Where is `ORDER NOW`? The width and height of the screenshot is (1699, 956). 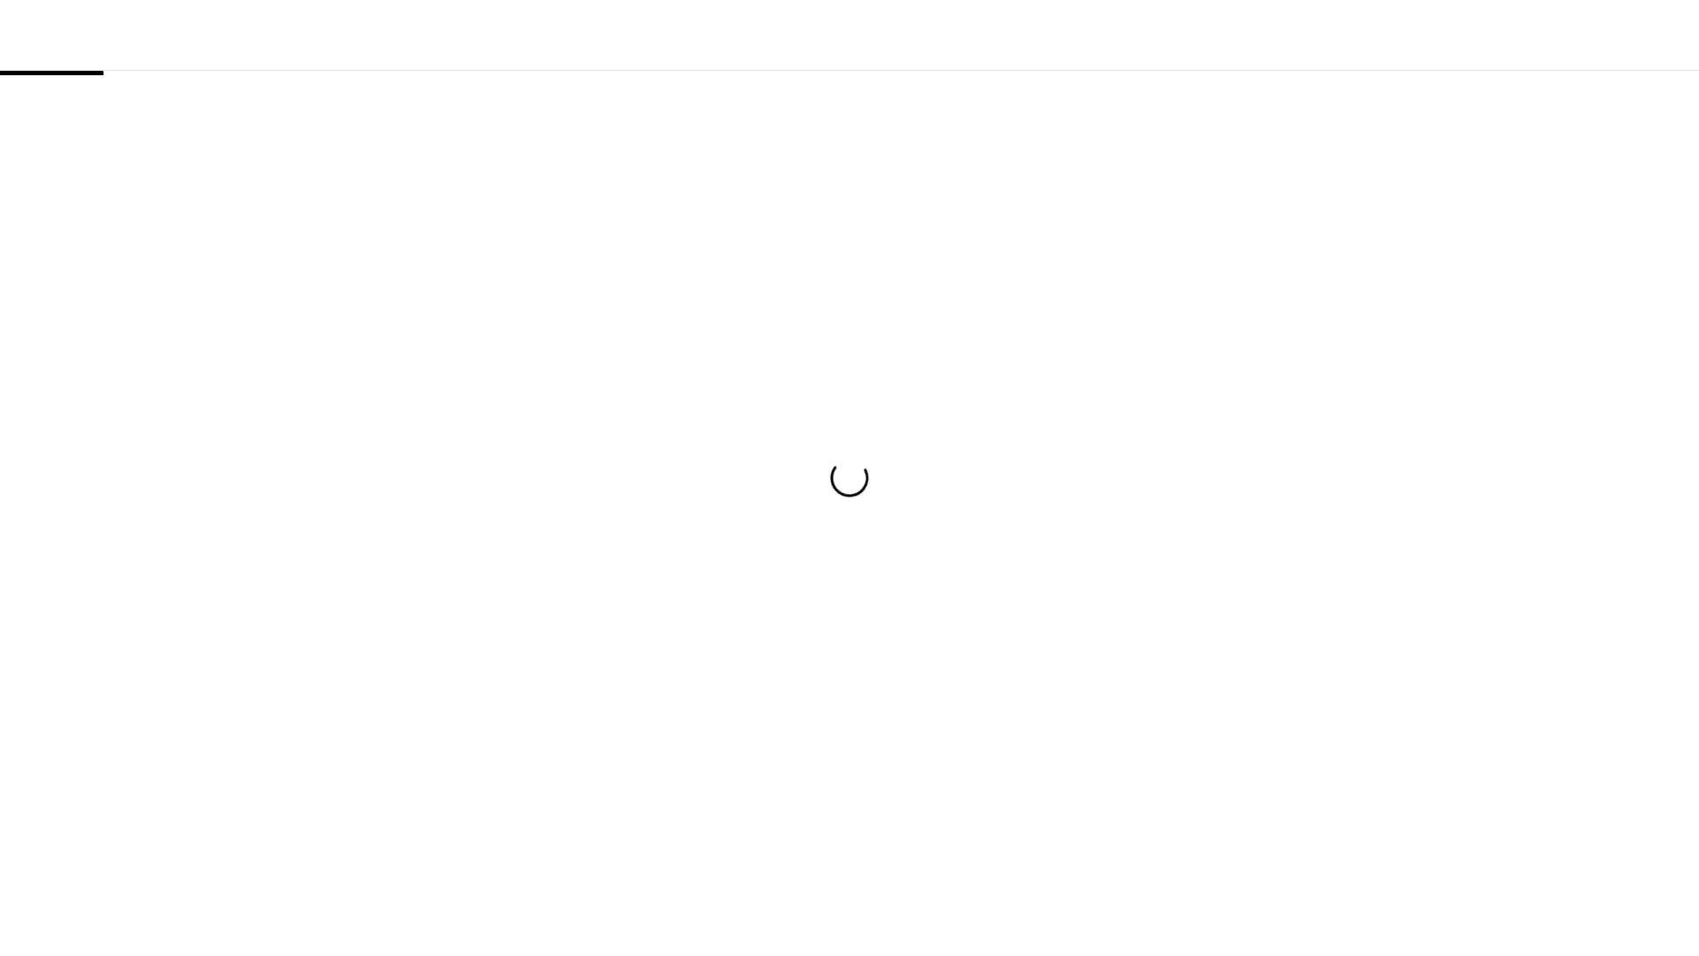
ORDER NOW is located at coordinates (1289, 34).